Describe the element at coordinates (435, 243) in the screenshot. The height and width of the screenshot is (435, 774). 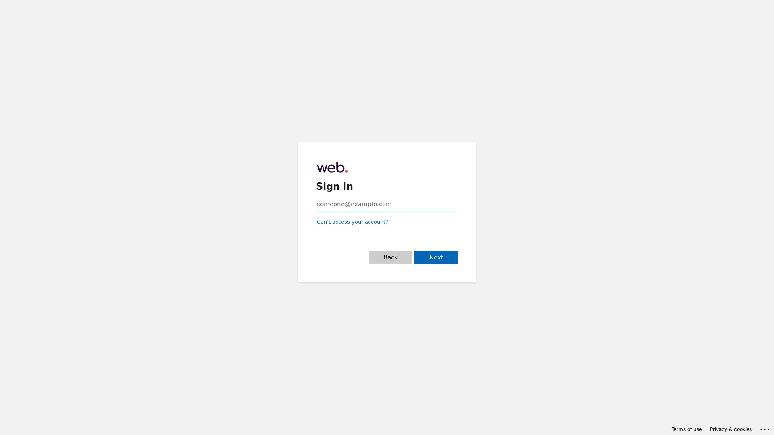
I see `Next` at that location.